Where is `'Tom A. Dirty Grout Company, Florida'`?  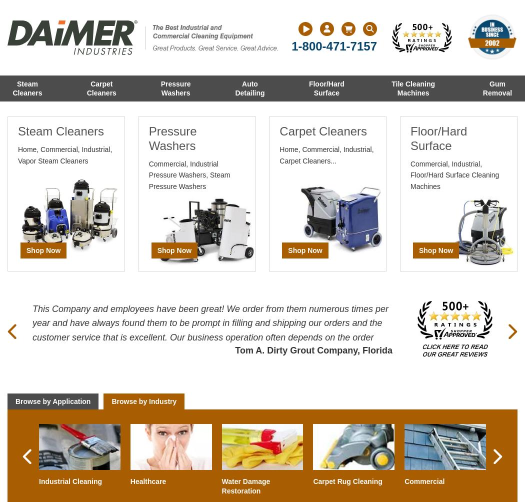 'Tom A. Dirty Grout Company, Florida' is located at coordinates (313, 349).